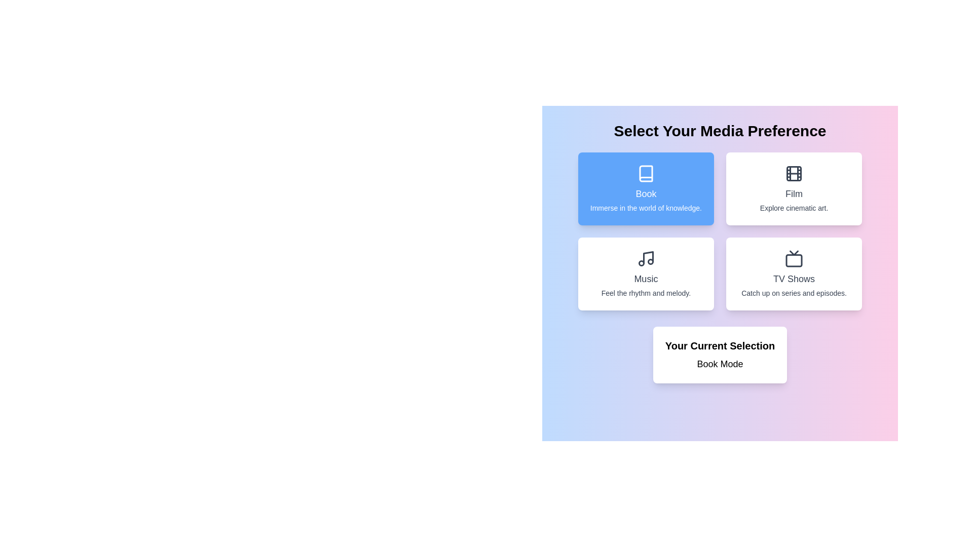 Image resolution: width=973 pixels, height=547 pixels. Describe the element at coordinates (645, 208) in the screenshot. I see `the text 'Immerse in the world of knowledge.' for copying` at that location.